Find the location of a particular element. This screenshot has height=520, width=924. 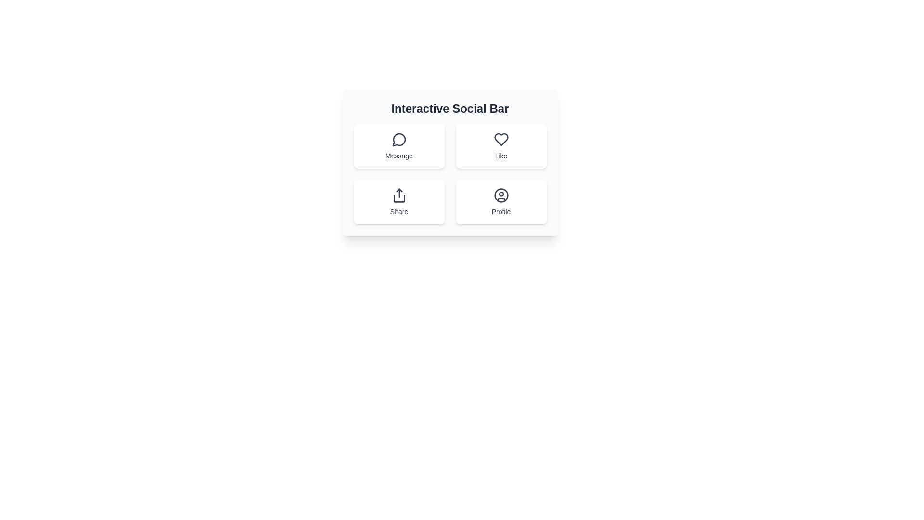

the 'Share' text label located in the lower section of a card-like component beneath an upward arrow icon in the lower-left position of the grid under the header 'Interactive Social Bar' is located at coordinates (399, 211).